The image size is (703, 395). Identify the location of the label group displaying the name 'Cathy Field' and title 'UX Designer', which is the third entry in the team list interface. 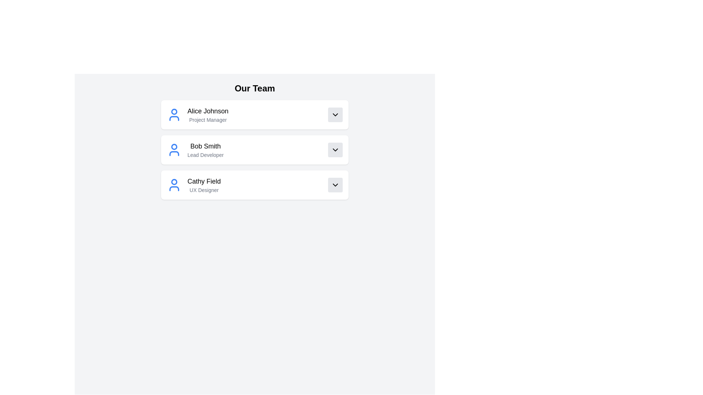
(194, 184).